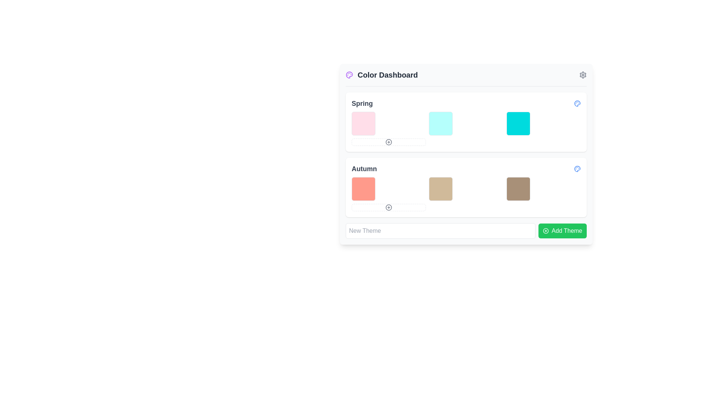 This screenshot has width=713, height=401. I want to click on the circular plus sign icon located in the bottom-right corner of the 'Color Dashboard' interface, so click(546, 230).